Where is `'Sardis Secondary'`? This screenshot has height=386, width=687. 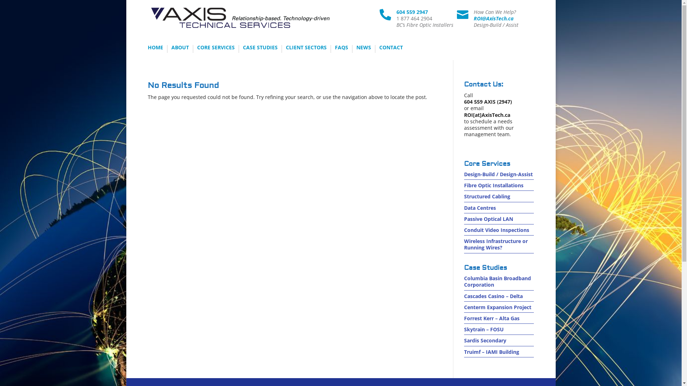 'Sardis Secondary' is located at coordinates (485, 340).